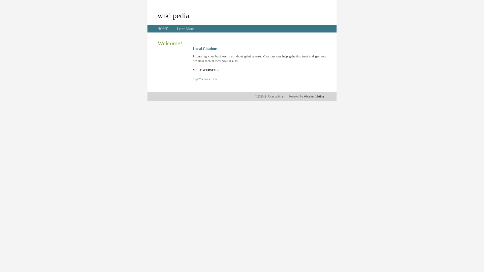  Describe the element at coordinates (163, 29) in the screenshot. I see `'HOME'` at that location.